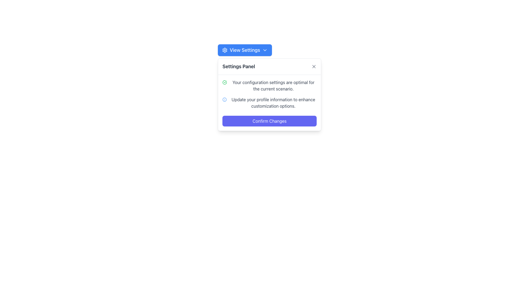 This screenshot has width=517, height=290. What do you see at coordinates (225, 50) in the screenshot?
I see `the gear-like icon with a blue background and white border located on the left end of the 'View Settings' button` at bounding box center [225, 50].